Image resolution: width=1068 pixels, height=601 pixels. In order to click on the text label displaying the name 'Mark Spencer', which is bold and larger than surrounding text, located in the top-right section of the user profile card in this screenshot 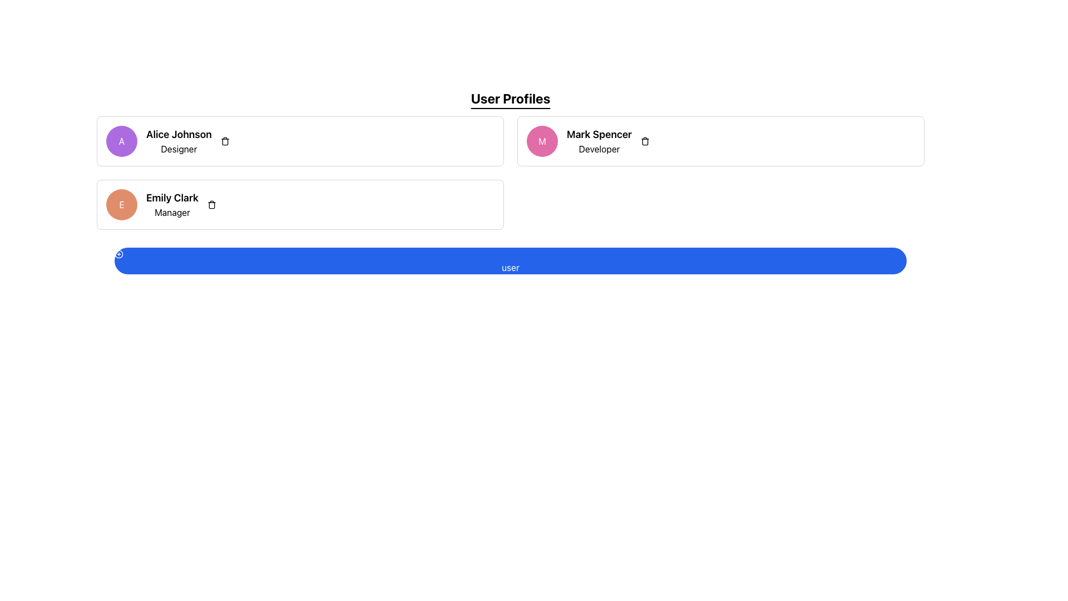, I will do `click(599, 134)`.